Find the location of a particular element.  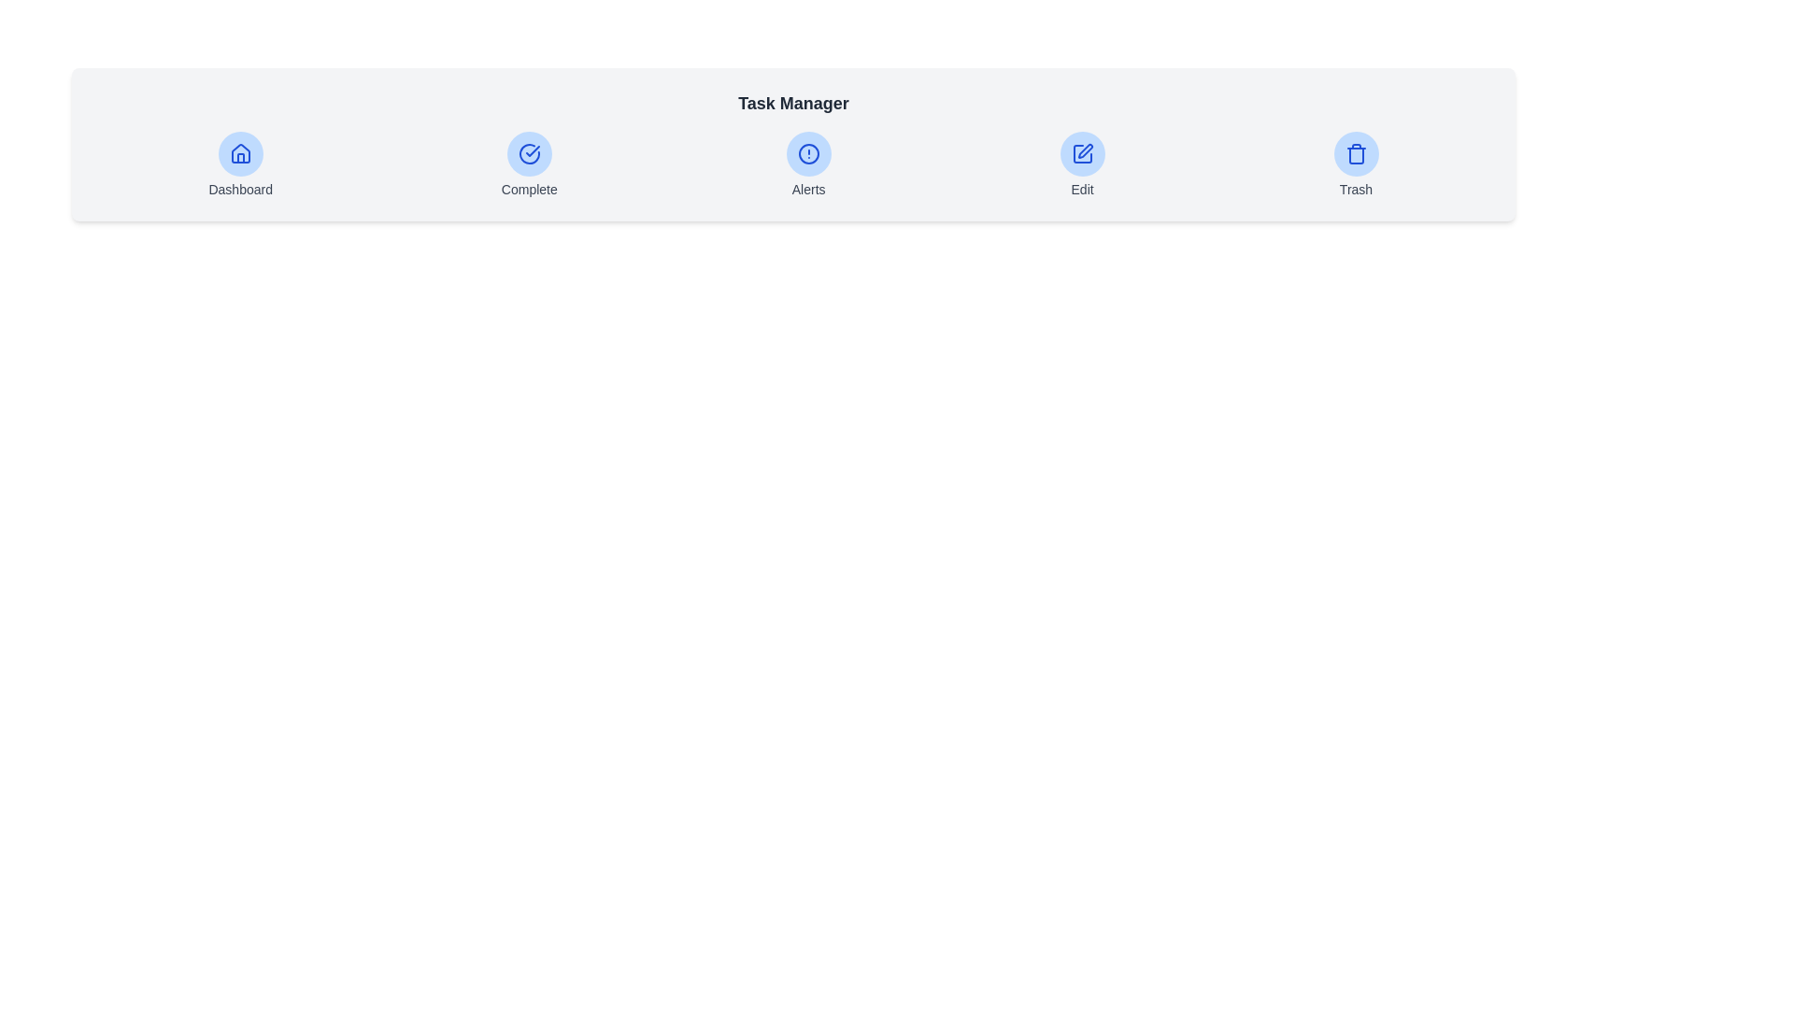

the 'Complete' icon with a checkmark in a blue circular background located in the navigation bar is located at coordinates (528, 164).